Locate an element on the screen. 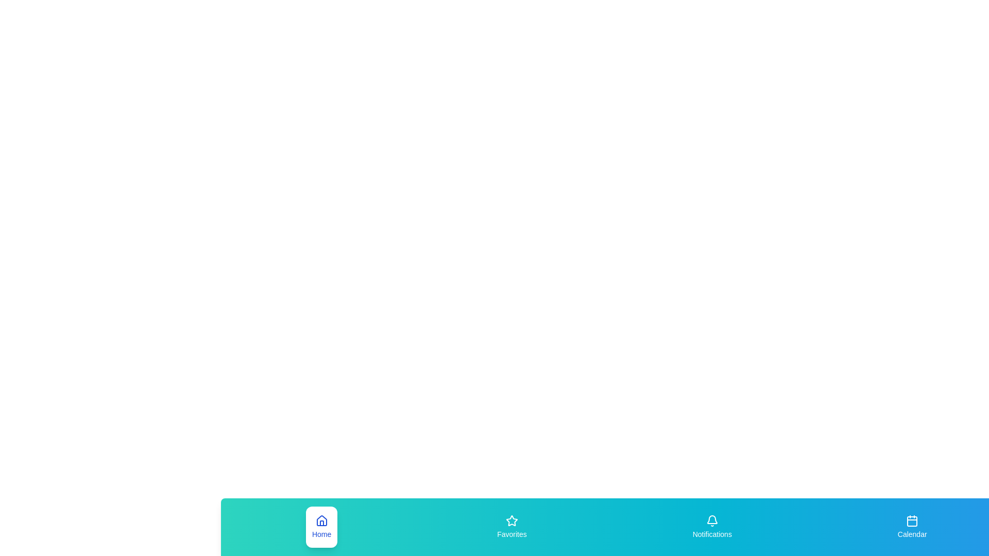  the navigation tab corresponding to Notifications is located at coordinates (711, 527).